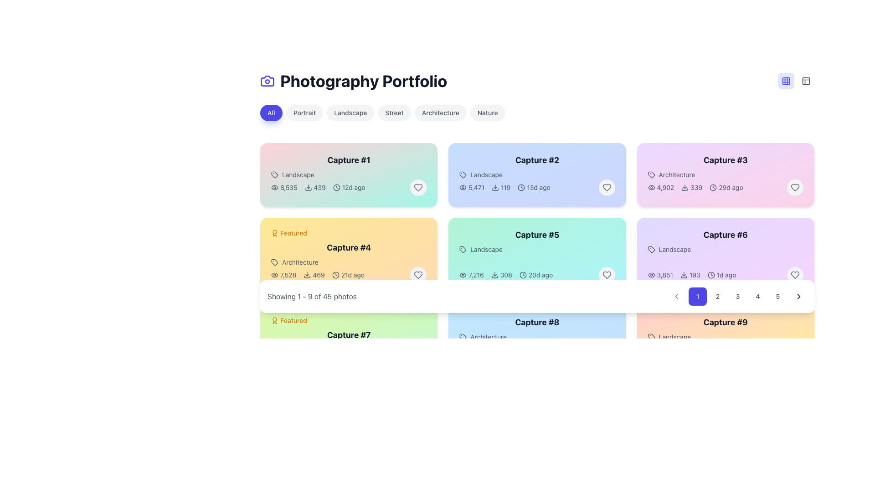  Describe the element at coordinates (685, 187) in the screenshot. I see `the download icon resembling a downward-pointing arrow located at the top-right corner of the 'Capture #3' card, following the text '4,902'` at that location.